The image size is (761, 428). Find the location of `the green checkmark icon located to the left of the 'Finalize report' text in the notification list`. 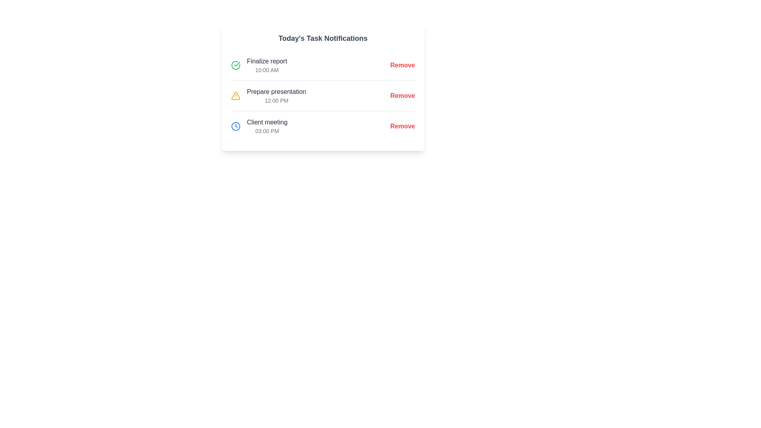

the green checkmark icon located to the left of the 'Finalize report' text in the notification list is located at coordinates (235, 65).